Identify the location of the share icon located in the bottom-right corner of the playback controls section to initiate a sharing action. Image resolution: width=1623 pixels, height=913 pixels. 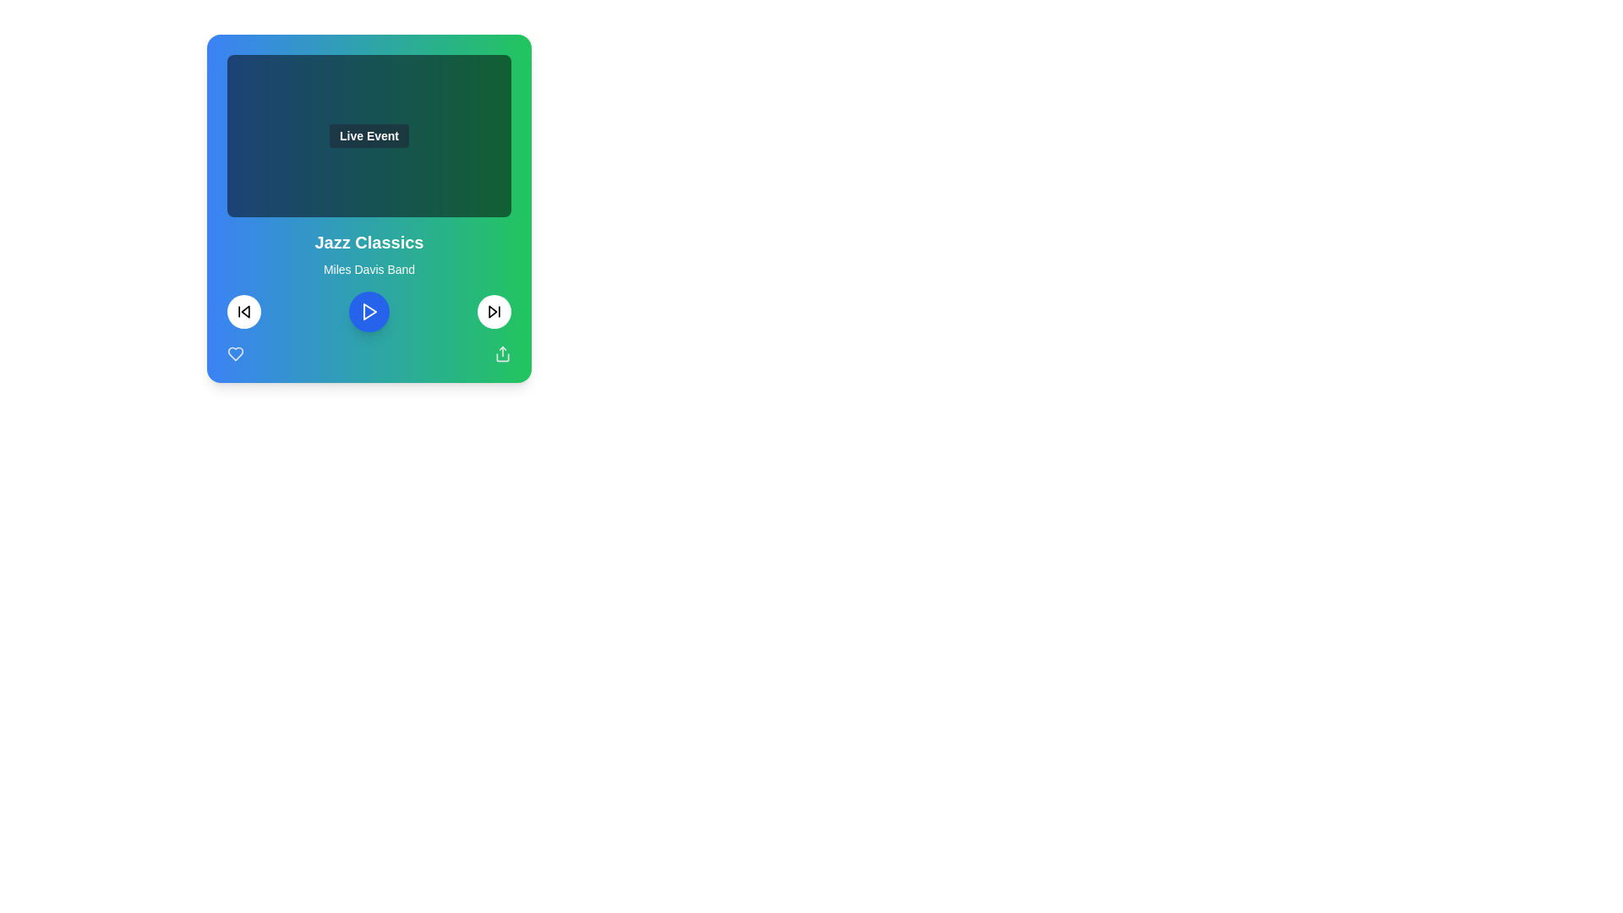
(502, 353).